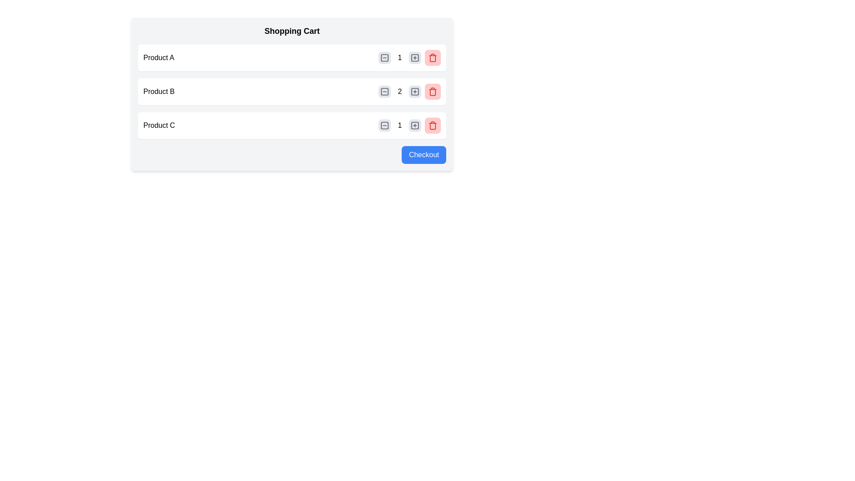 Image resolution: width=855 pixels, height=481 pixels. I want to click on the square button with rounded corners and a plus symbol located to the right of the numeric quantity '1' for 'Product A' in the shopping cart interface to increment the quantity, so click(414, 58).